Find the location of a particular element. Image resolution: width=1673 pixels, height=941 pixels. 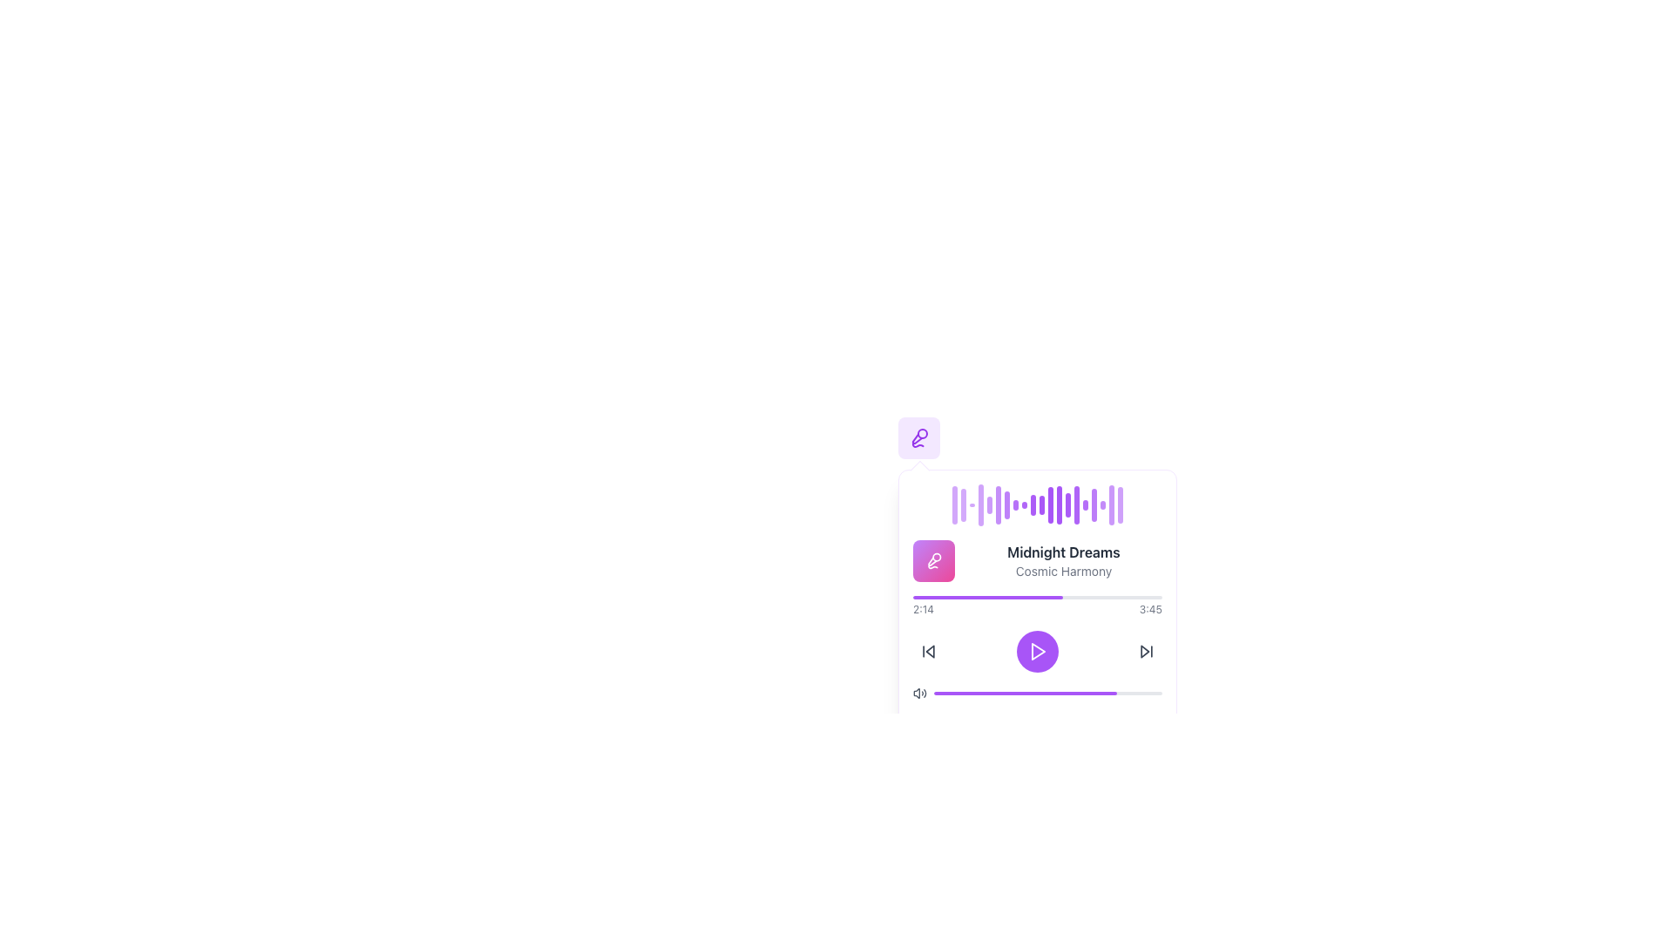

the left section of the volume control icon within the sound control area is located at coordinates (916, 692).